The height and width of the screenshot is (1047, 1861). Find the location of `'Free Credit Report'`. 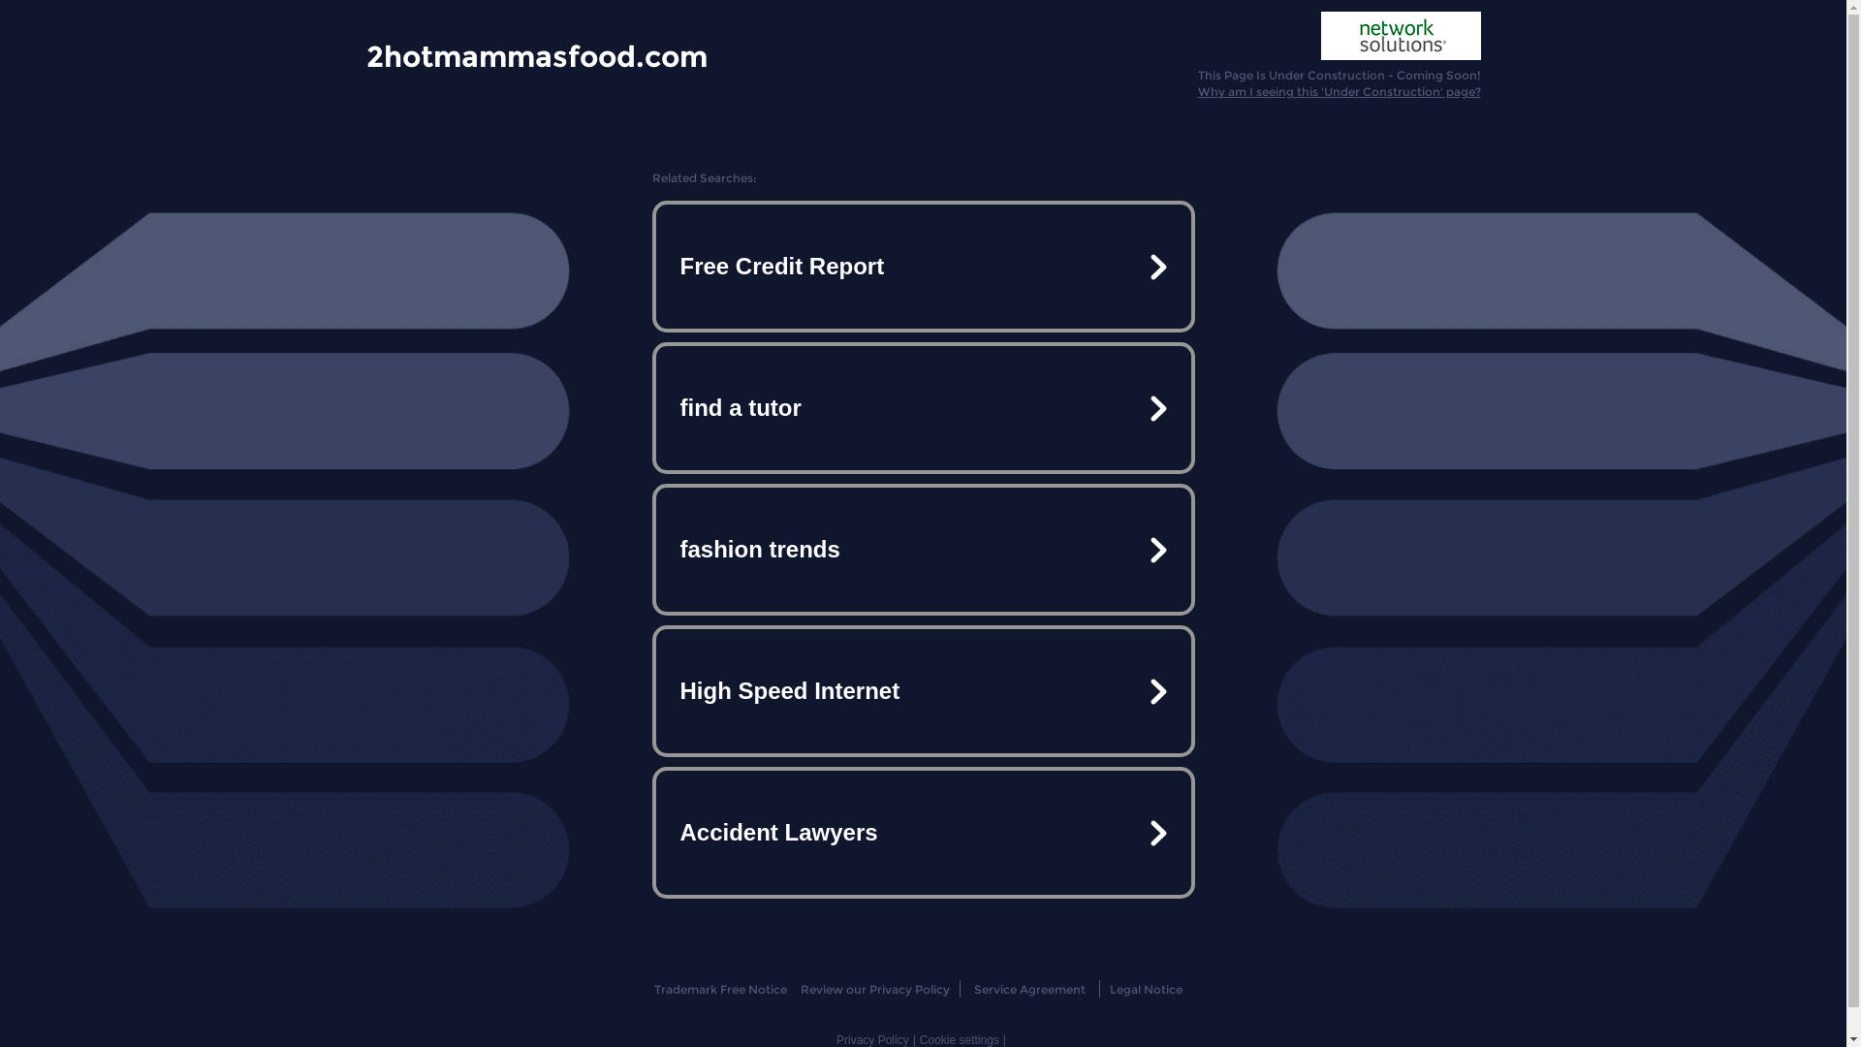

'Free Credit Report' is located at coordinates (921, 266).